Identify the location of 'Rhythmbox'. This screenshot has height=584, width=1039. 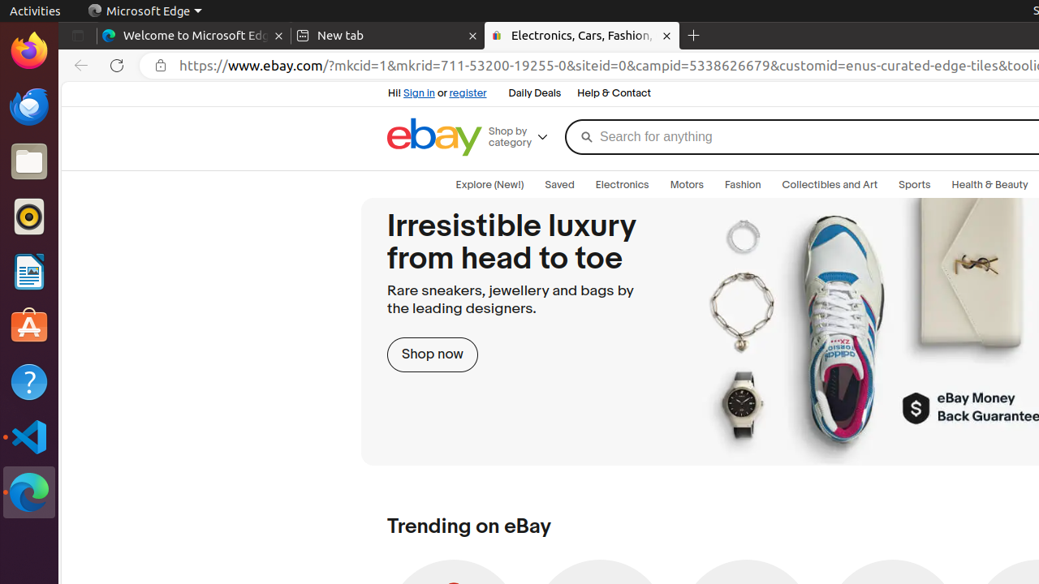
(28, 215).